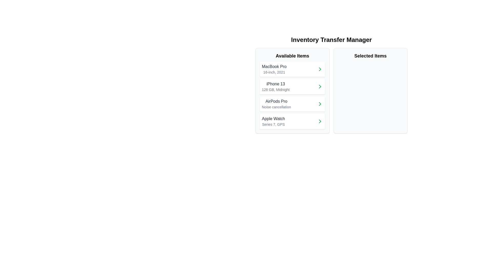  What do you see at coordinates (292, 95) in the screenshot?
I see `an item in the List Panel` at bounding box center [292, 95].